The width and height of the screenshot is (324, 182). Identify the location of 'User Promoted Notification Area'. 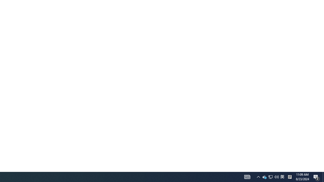
(258, 176).